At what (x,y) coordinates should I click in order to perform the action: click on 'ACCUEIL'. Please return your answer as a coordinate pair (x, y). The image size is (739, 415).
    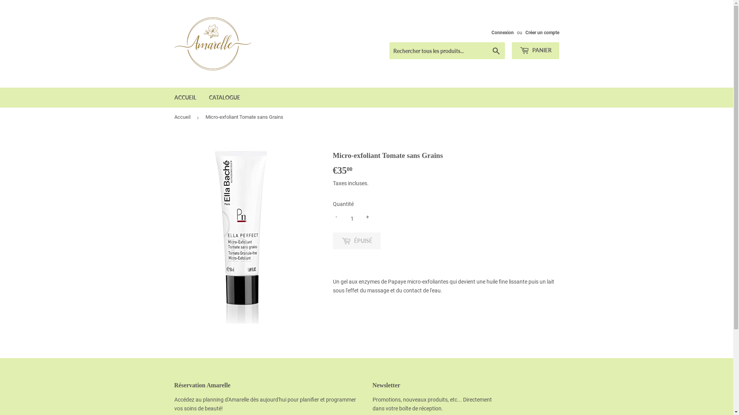
    Looking at the image, I should click on (168, 97).